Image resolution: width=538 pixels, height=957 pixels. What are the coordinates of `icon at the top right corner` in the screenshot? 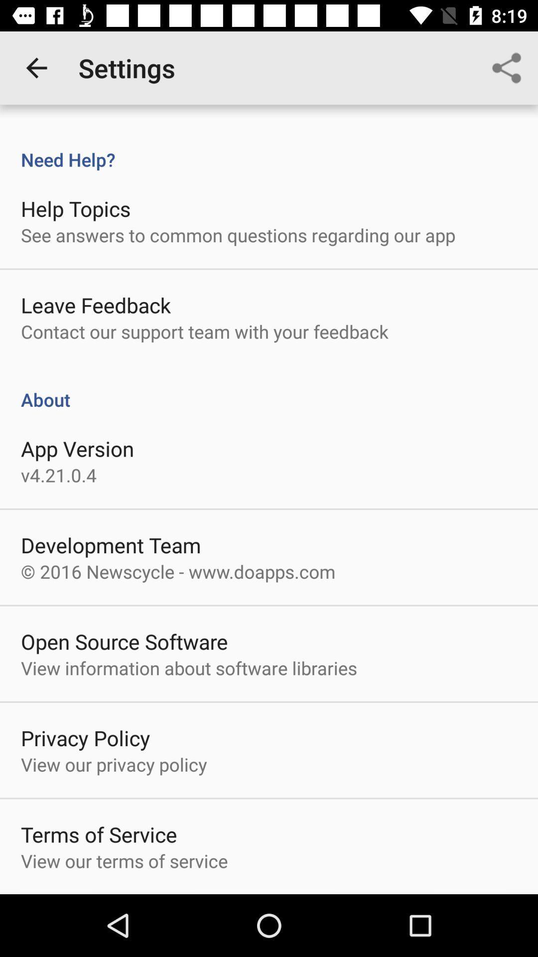 It's located at (507, 67).